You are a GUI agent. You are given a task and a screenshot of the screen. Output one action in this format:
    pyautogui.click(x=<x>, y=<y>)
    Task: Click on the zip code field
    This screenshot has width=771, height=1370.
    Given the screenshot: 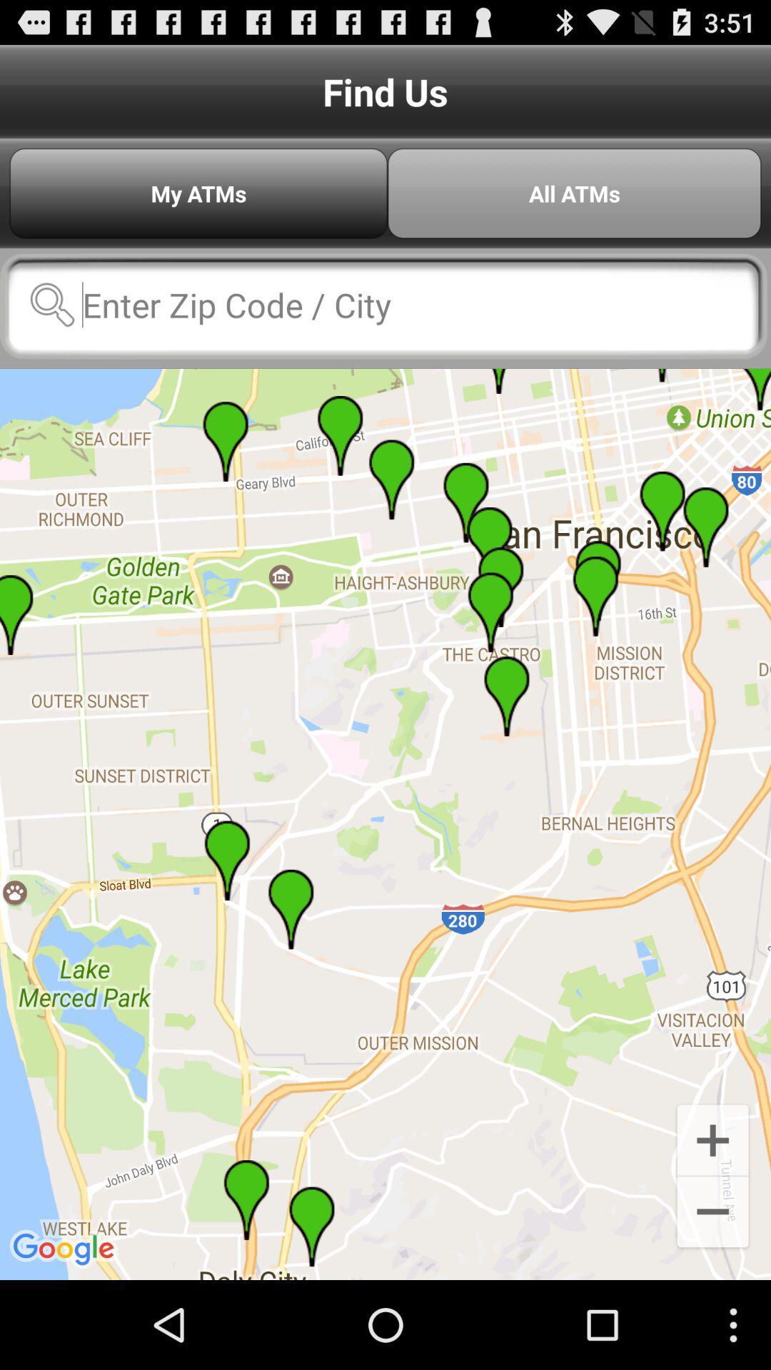 What is the action you would take?
    pyautogui.click(x=383, y=304)
    